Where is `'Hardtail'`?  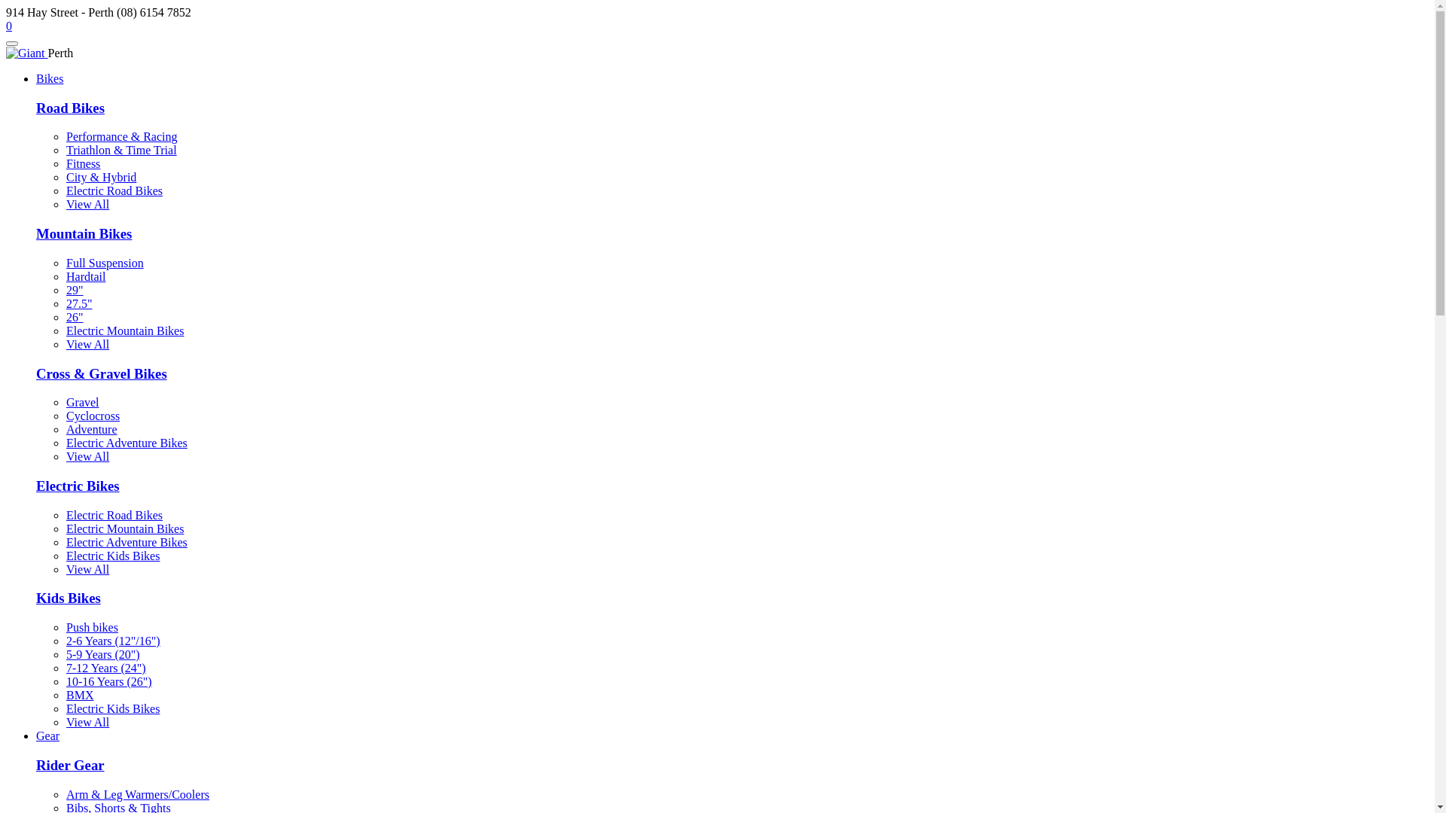 'Hardtail' is located at coordinates (65, 276).